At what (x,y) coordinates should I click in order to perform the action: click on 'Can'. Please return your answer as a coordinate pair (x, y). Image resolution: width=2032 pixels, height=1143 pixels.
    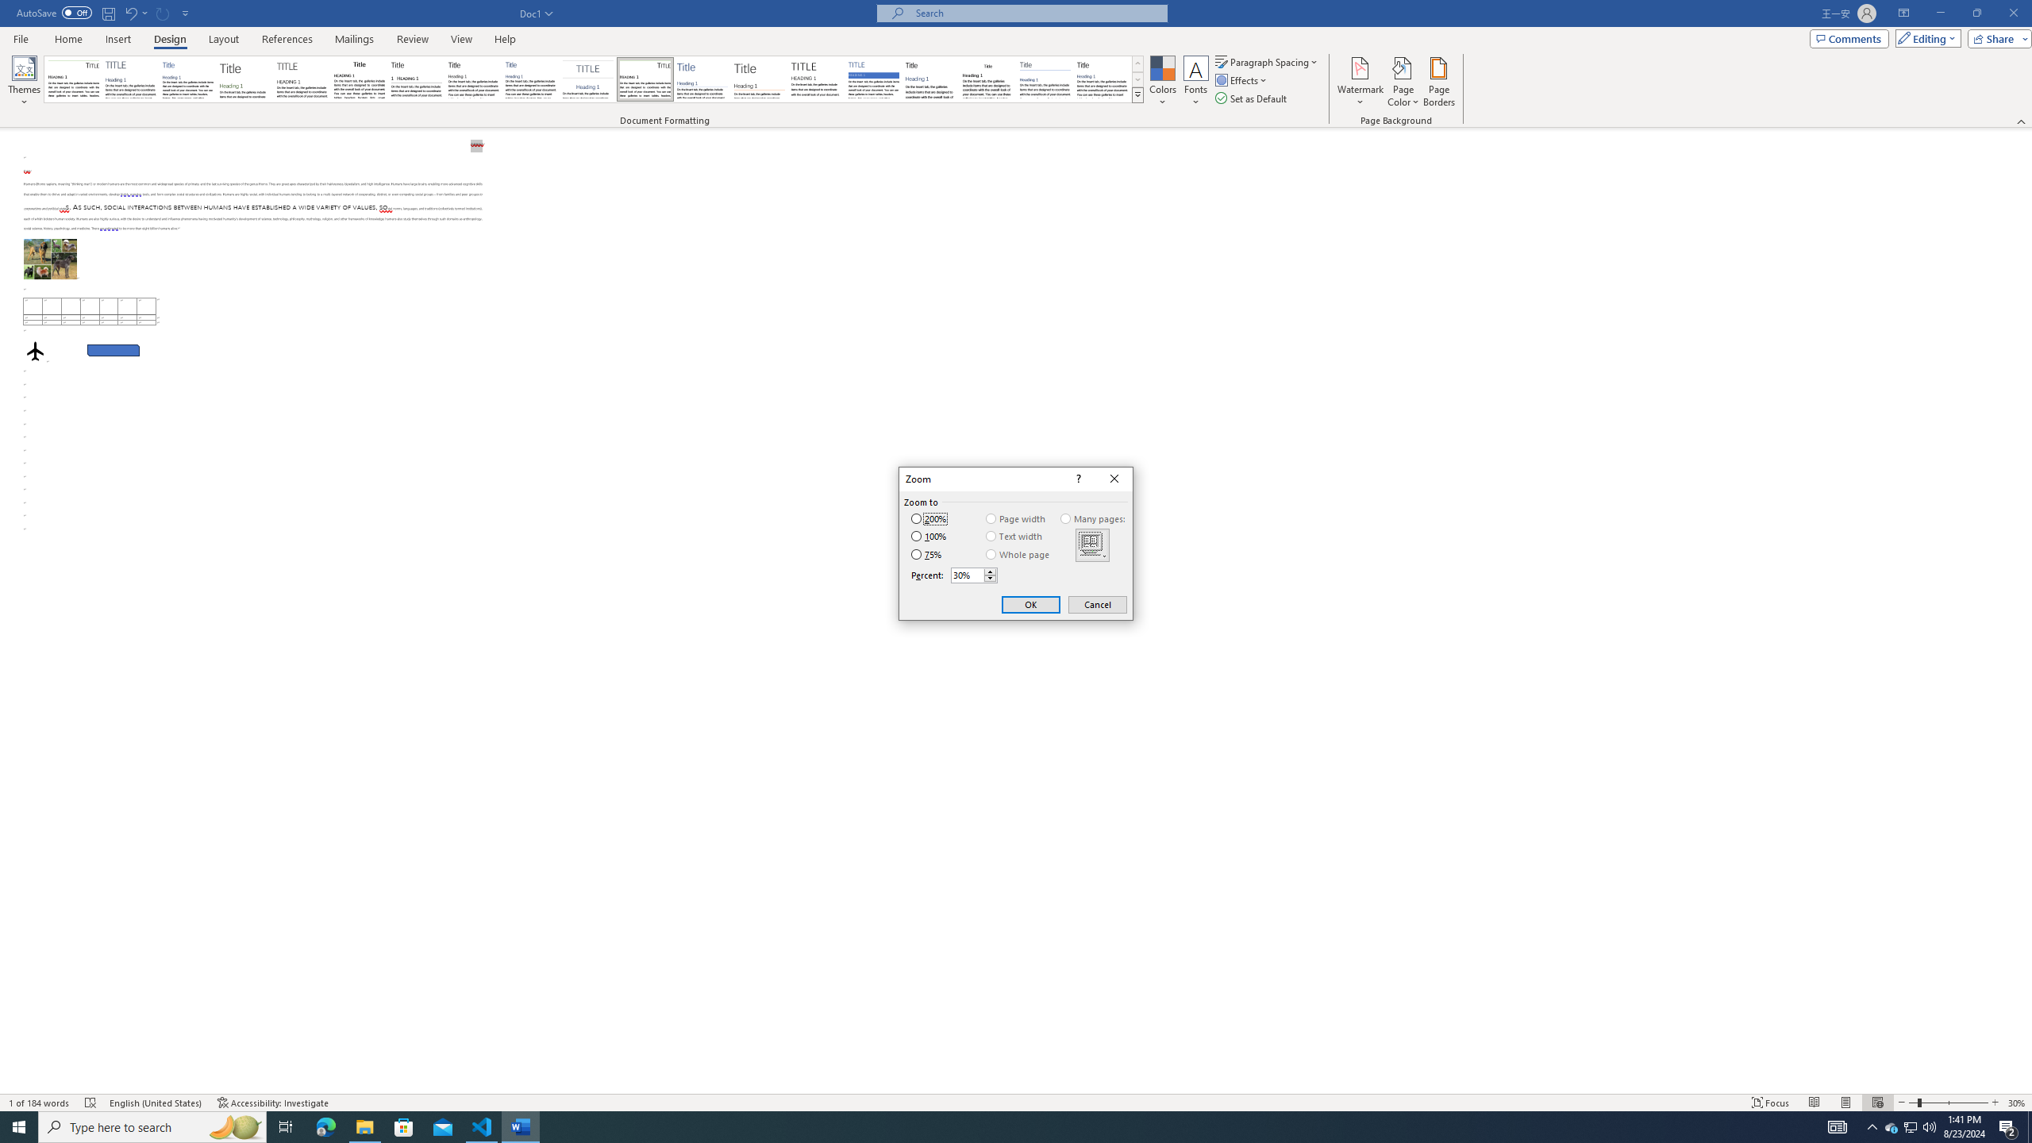
    Looking at the image, I should click on (163, 12).